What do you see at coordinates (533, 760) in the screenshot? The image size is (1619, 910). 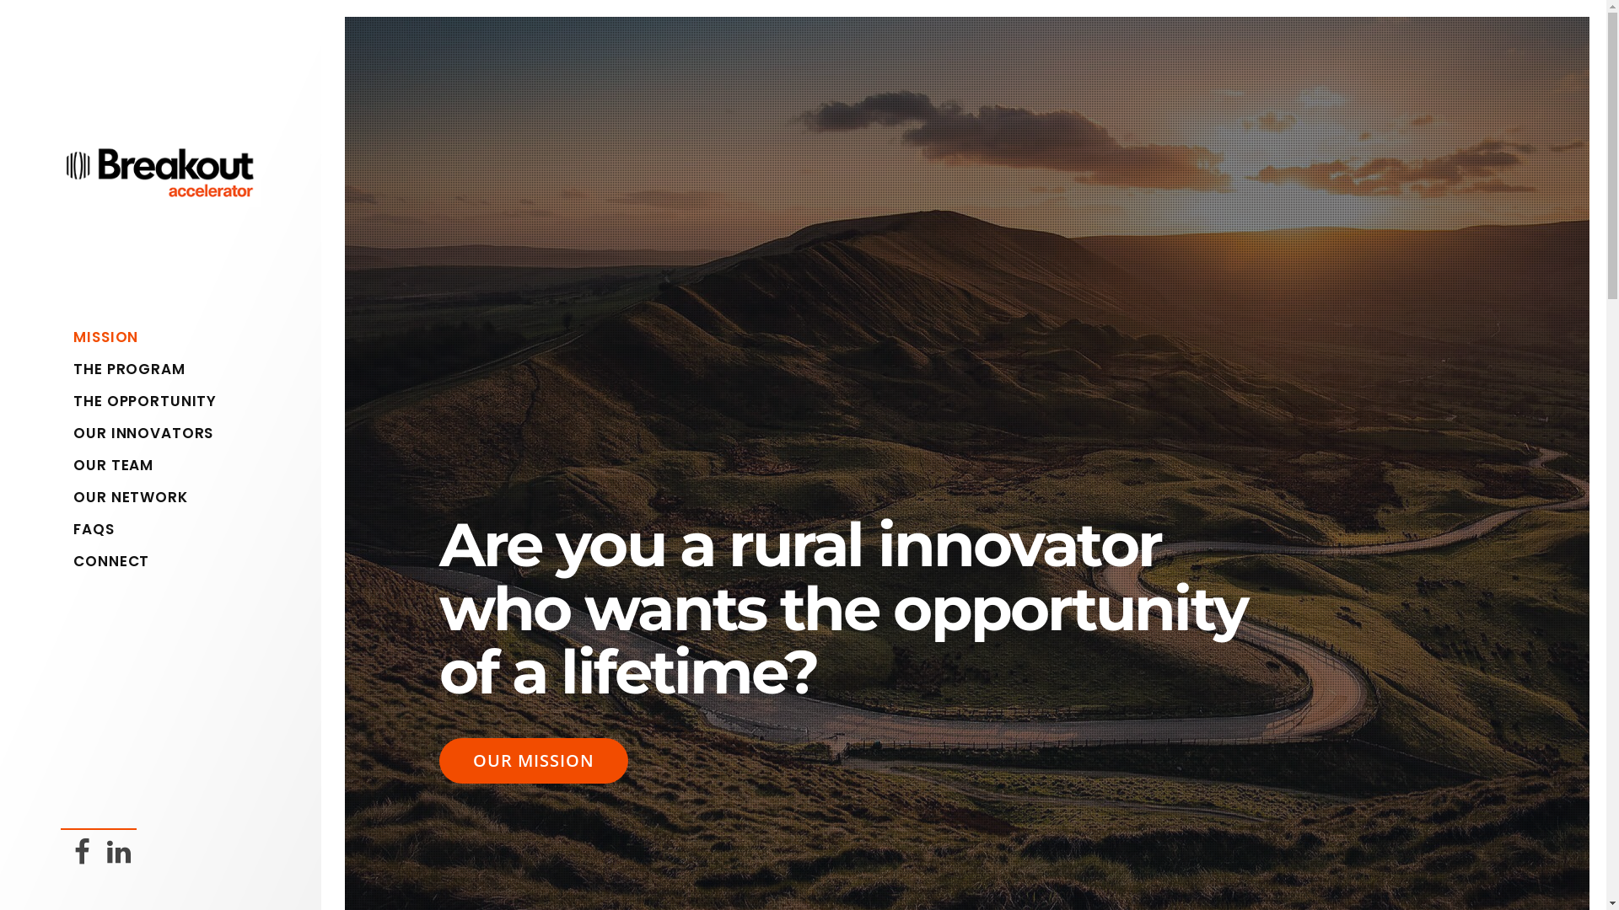 I see `'OUR MISSION'` at bounding box center [533, 760].